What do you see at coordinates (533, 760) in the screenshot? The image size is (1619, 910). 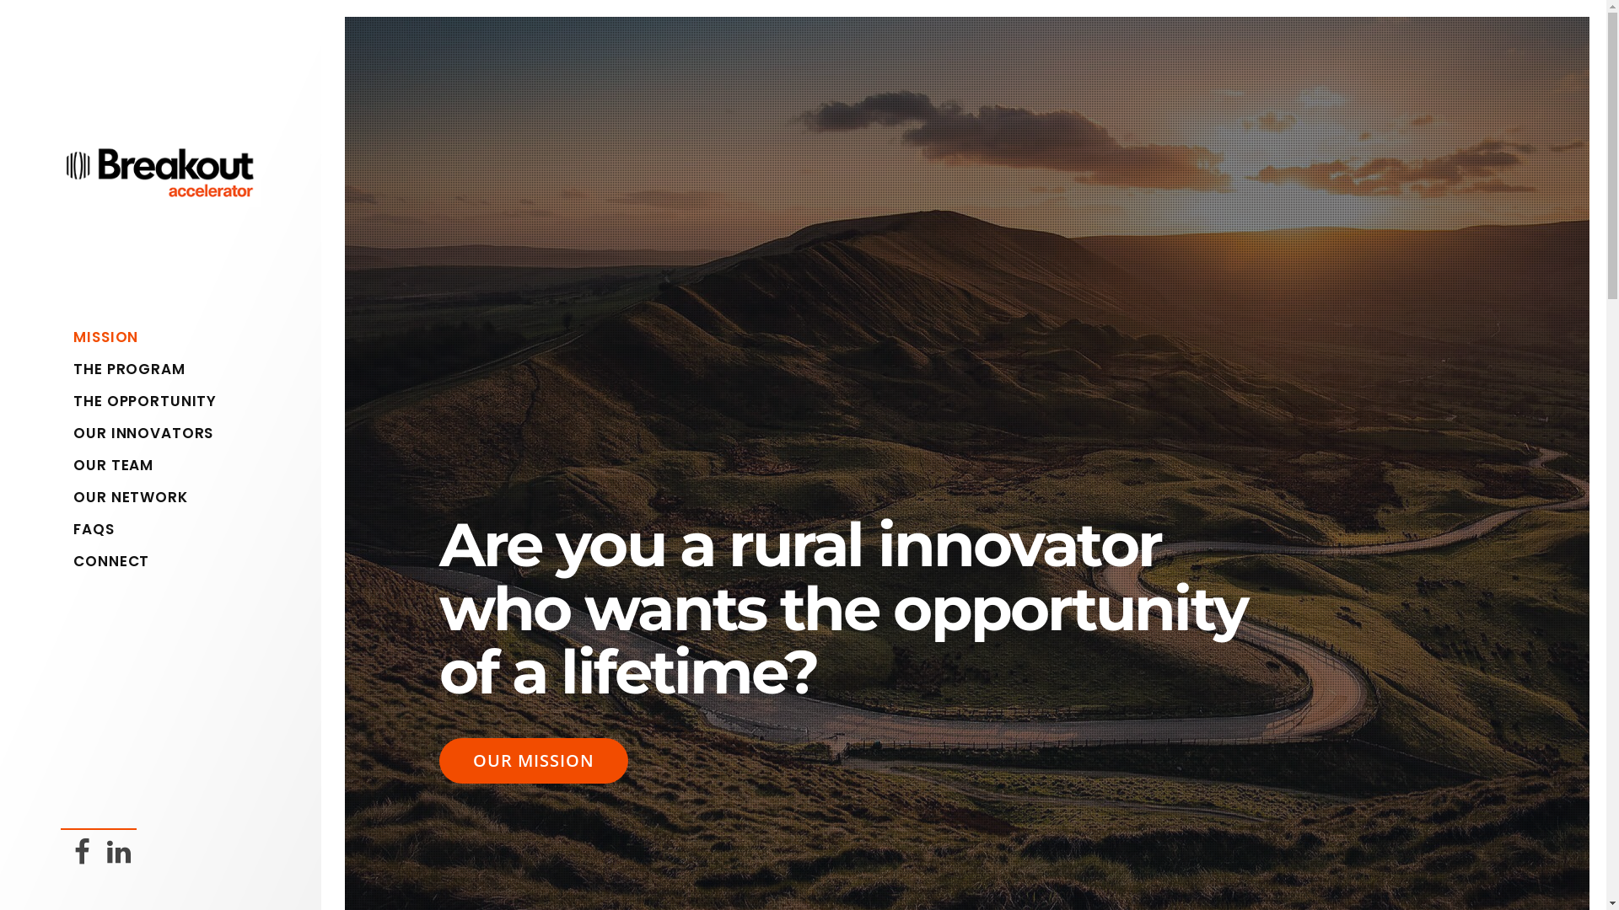 I see `'OUR MISSION'` at bounding box center [533, 760].